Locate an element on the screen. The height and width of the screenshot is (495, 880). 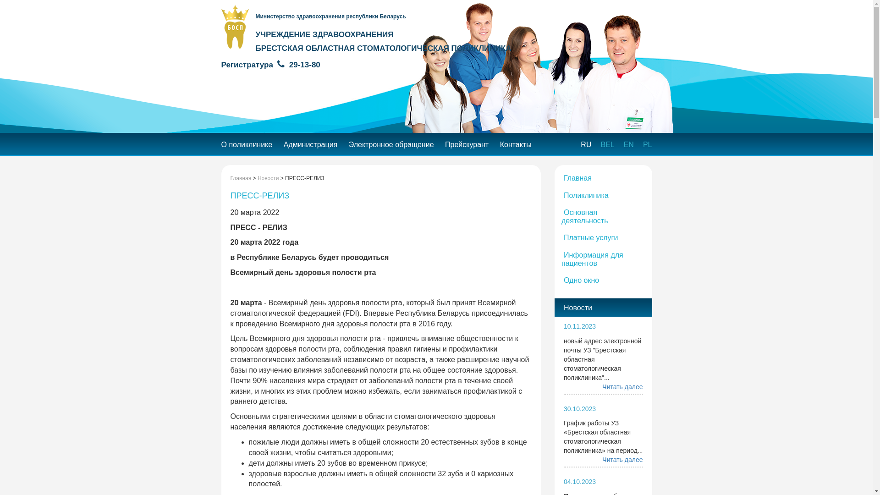
'BEL' is located at coordinates (607, 144).